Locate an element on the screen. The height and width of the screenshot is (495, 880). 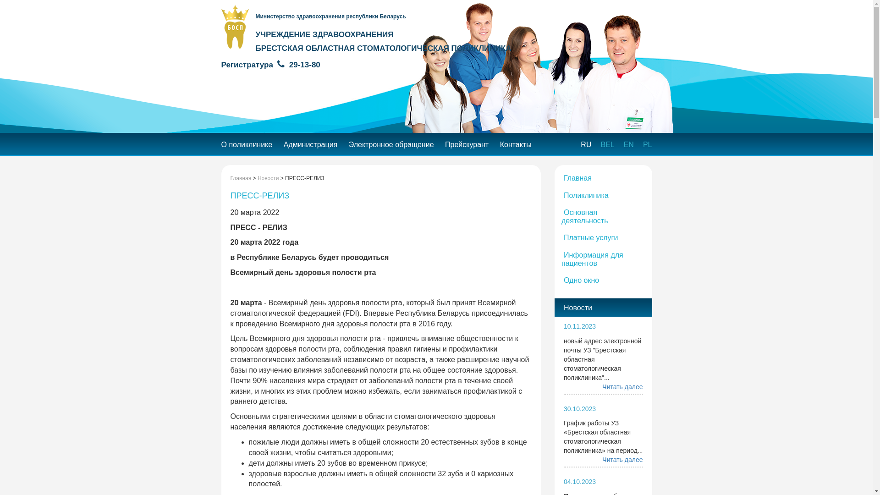
'BEL' is located at coordinates (607, 144).